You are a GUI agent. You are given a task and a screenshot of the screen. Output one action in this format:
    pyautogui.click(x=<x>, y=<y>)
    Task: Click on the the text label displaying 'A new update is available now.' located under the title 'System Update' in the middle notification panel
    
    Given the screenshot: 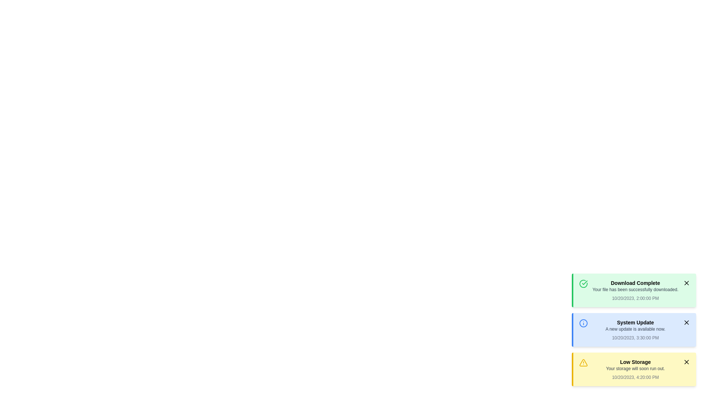 What is the action you would take?
    pyautogui.click(x=635, y=328)
    